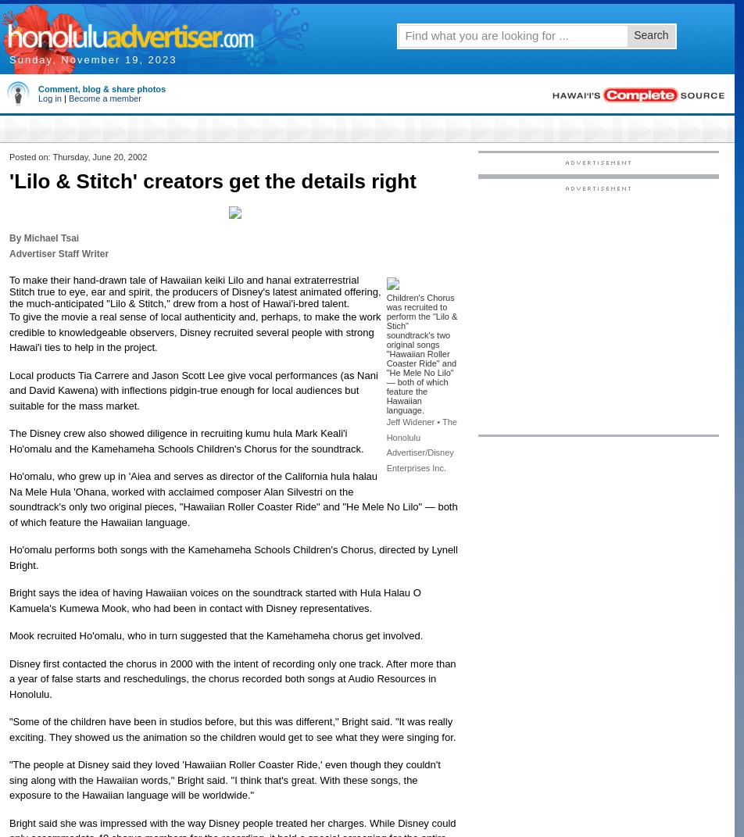 The width and height of the screenshot is (744, 837). I want to click on 'Search', so click(651, 34).